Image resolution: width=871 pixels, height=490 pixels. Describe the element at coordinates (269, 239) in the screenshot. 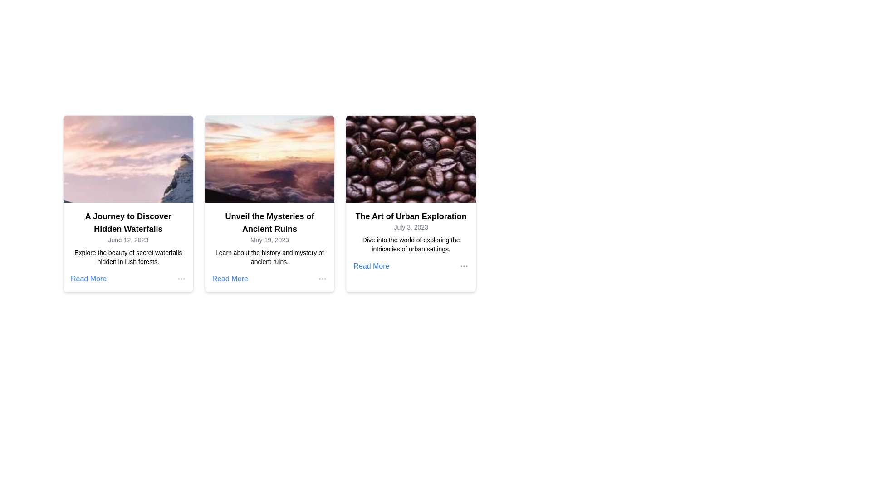

I see `the Text label displaying the publication date for the article, which is located below the title 'Unveil the Mysteries of Ancient Ruins' and above the descriptive text 'Learn about the history and mystery of ancient ruins.'` at that location.